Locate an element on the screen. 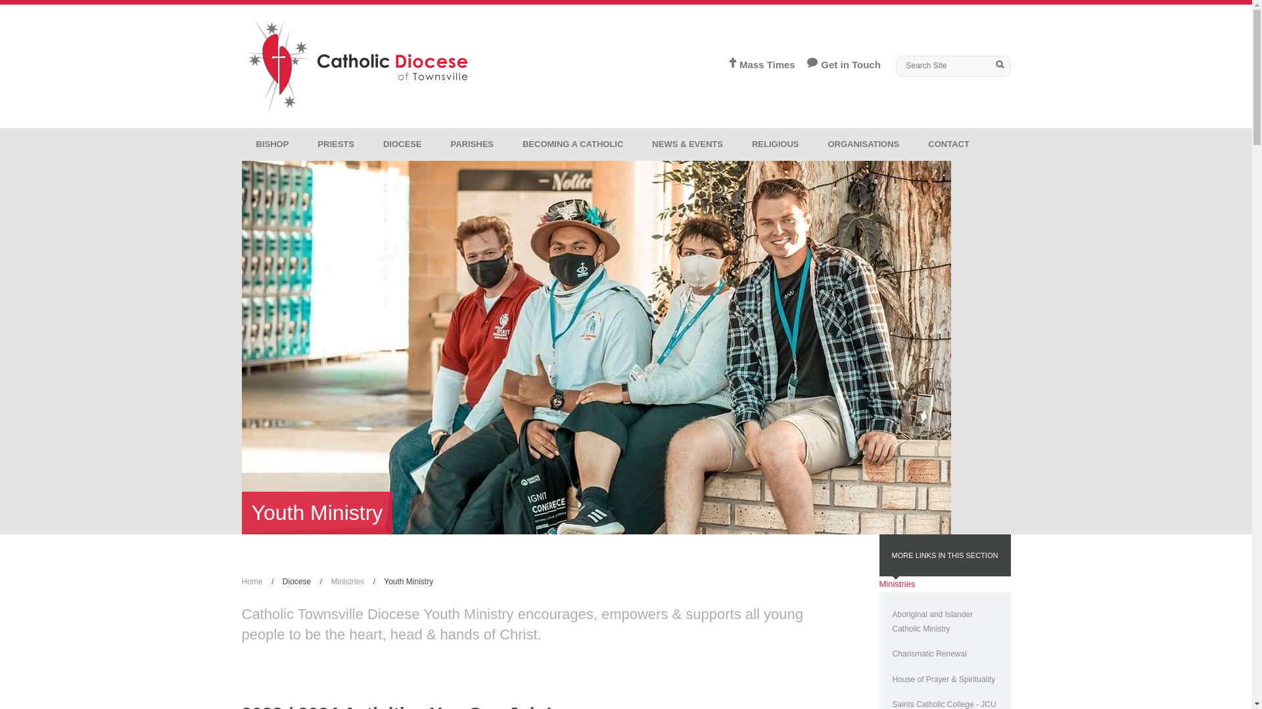  'RELIGIOUS' is located at coordinates (776, 144).